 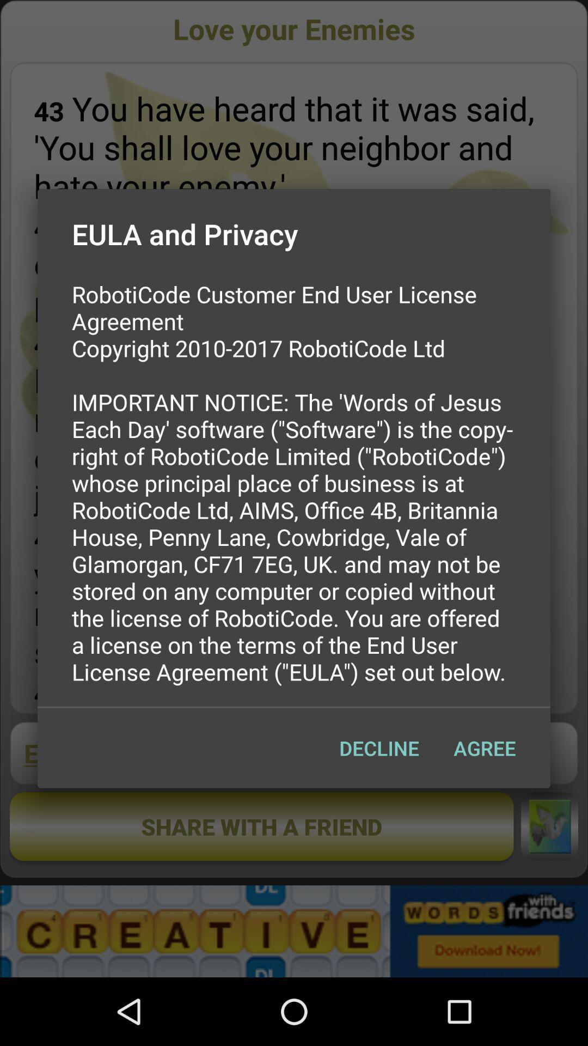 I want to click on app below the roboticode customer end item, so click(x=378, y=747).